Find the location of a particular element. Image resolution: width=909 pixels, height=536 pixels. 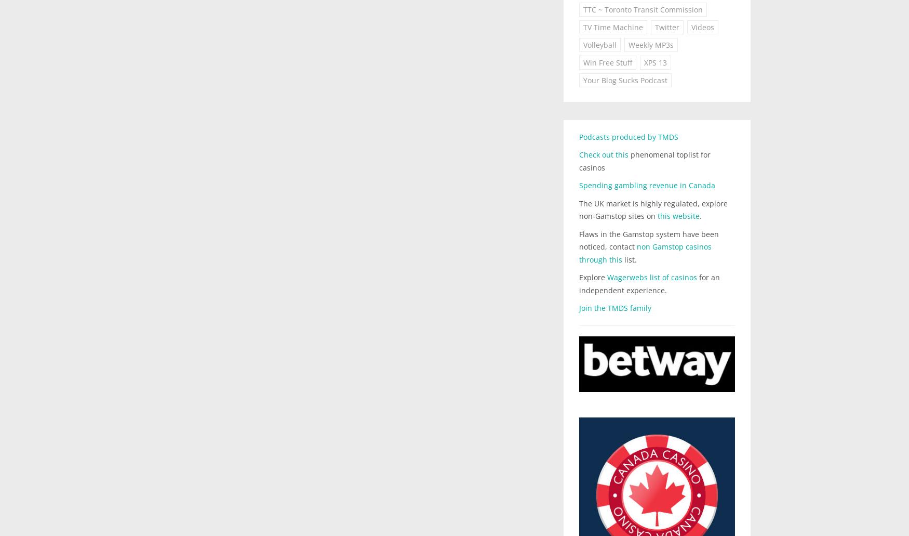

'Win Free Stuff' is located at coordinates (583, 61).